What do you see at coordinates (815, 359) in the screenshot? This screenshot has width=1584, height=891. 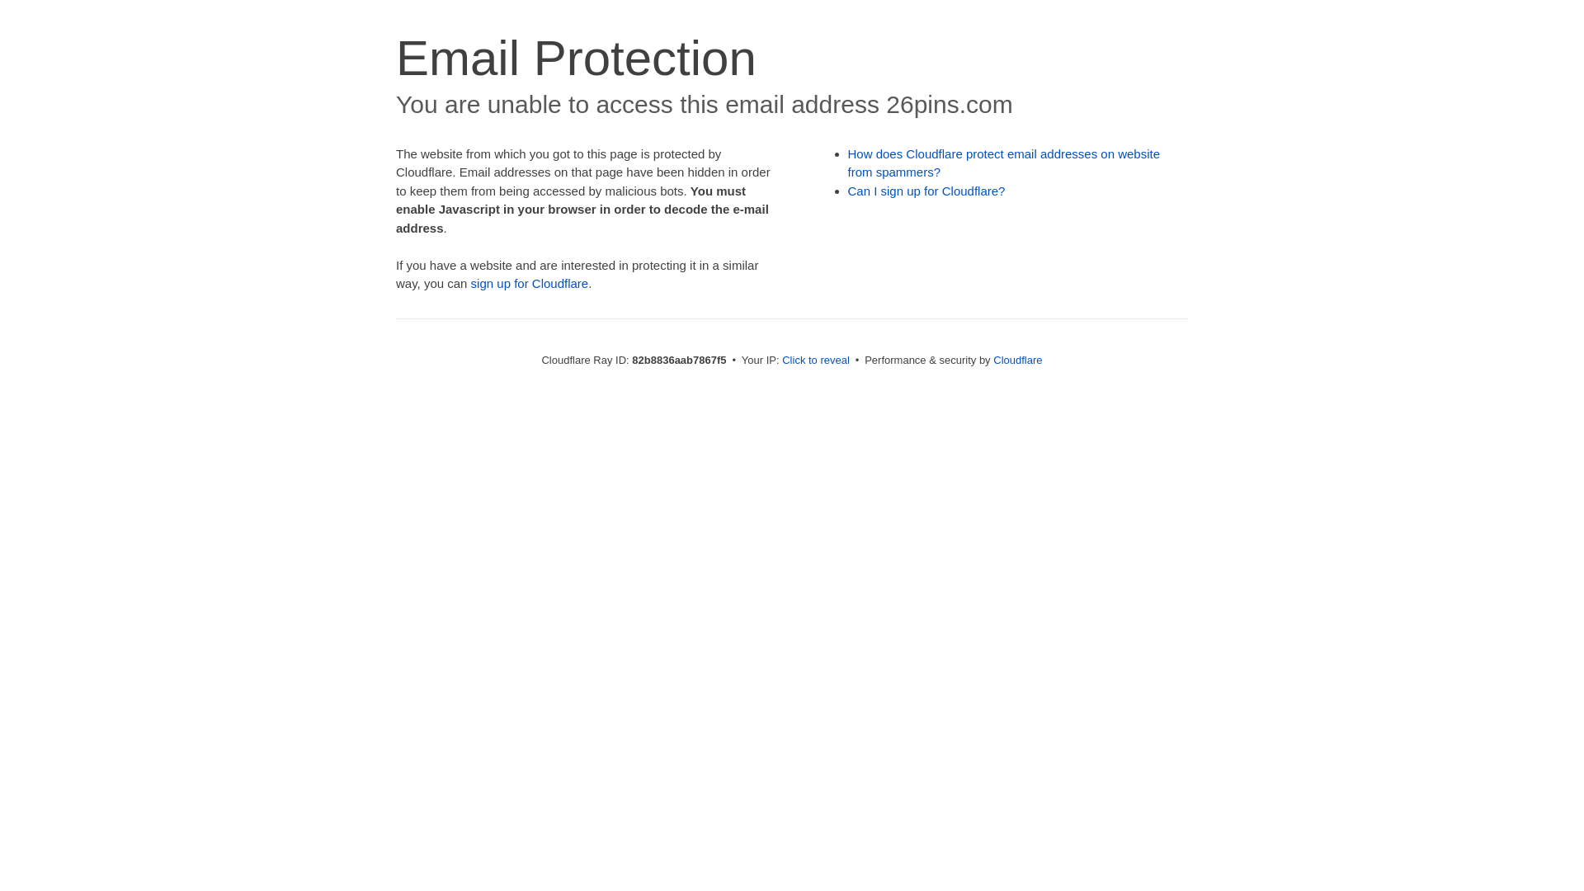 I see `'Click to reveal'` at bounding box center [815, 359].